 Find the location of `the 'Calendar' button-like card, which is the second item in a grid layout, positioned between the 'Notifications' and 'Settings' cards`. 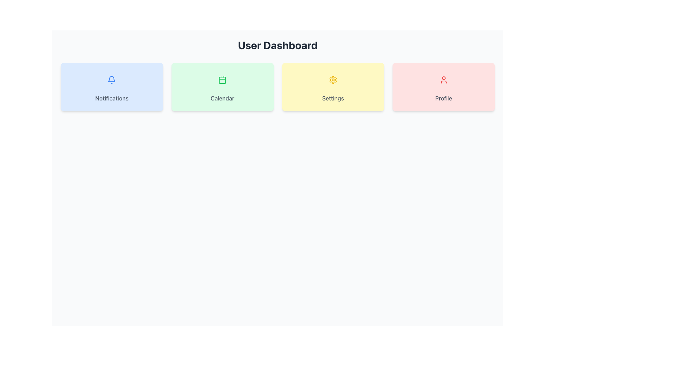

the 'Calendar' button-like card, which is the second item in a grid layout, positioned between the 'Notifications' and 'Settings' cards is located at coordinates (222, 87).